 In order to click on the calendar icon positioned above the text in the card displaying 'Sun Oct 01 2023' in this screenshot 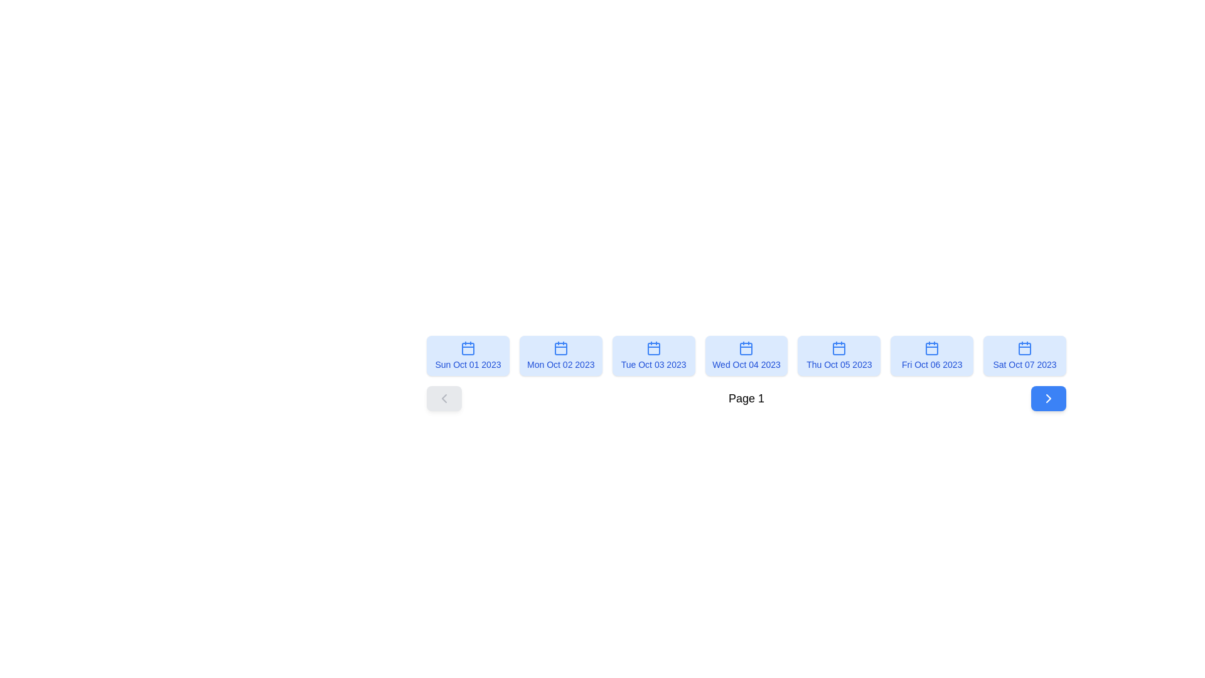, I will do `click(467, 348)`.